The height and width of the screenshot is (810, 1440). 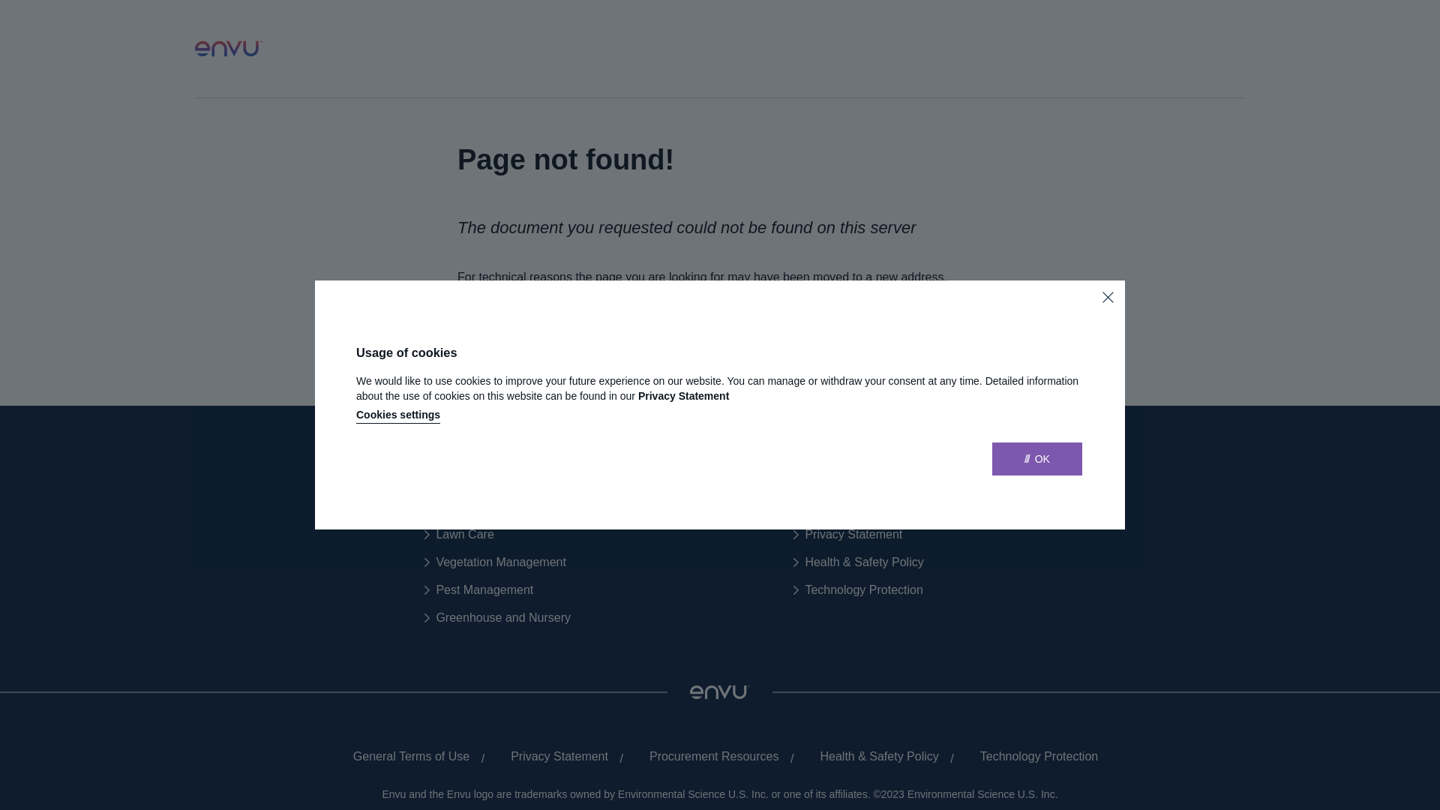 What do you see at coordinates (406, 757) in the screenshot?
I see `'General Terms of Use'` at bounding box center [406, 757].